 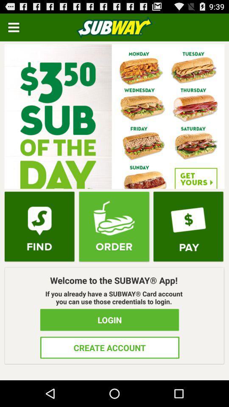 What do you see at coordinates (114, 116) in the screenshot?
I see `get 3.50 sub of the day` at bounding box center [114, 116].